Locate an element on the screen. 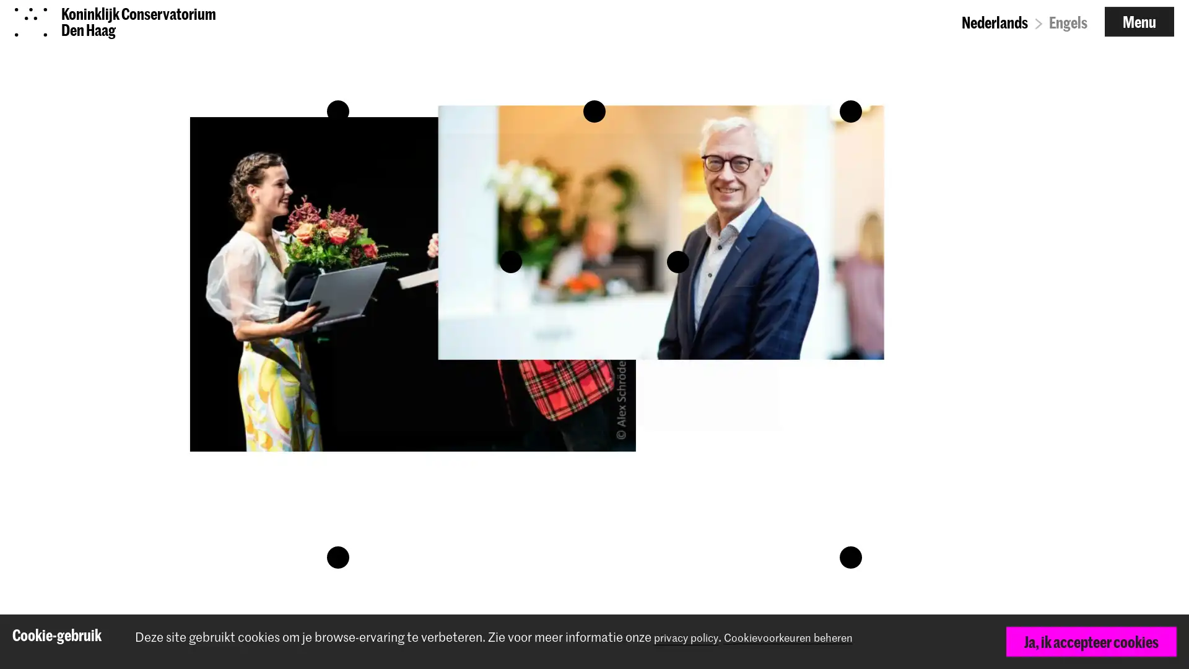 The image size is (1189, 669). Cookievoorkeuren beheren is located at coordinates (809, 637).